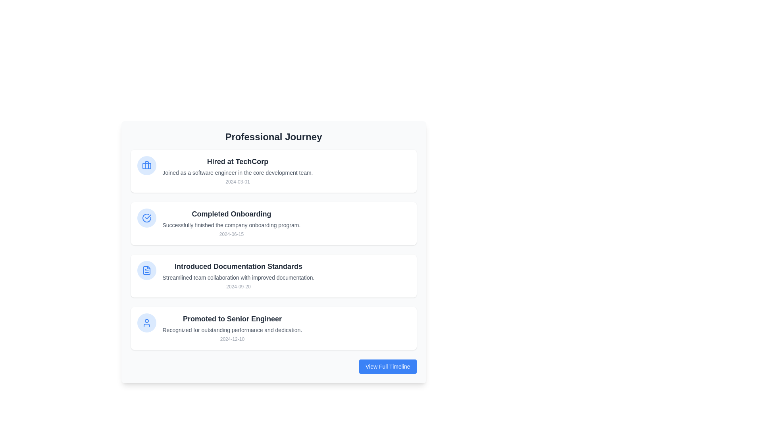 This screenshot has width=762, height=429. I want to click on the text label component that reads 'Recognized for outstanding performance and dedication.', which is positioned beneath the title 'Promoted to Senior Engineer', so click(232, 330).